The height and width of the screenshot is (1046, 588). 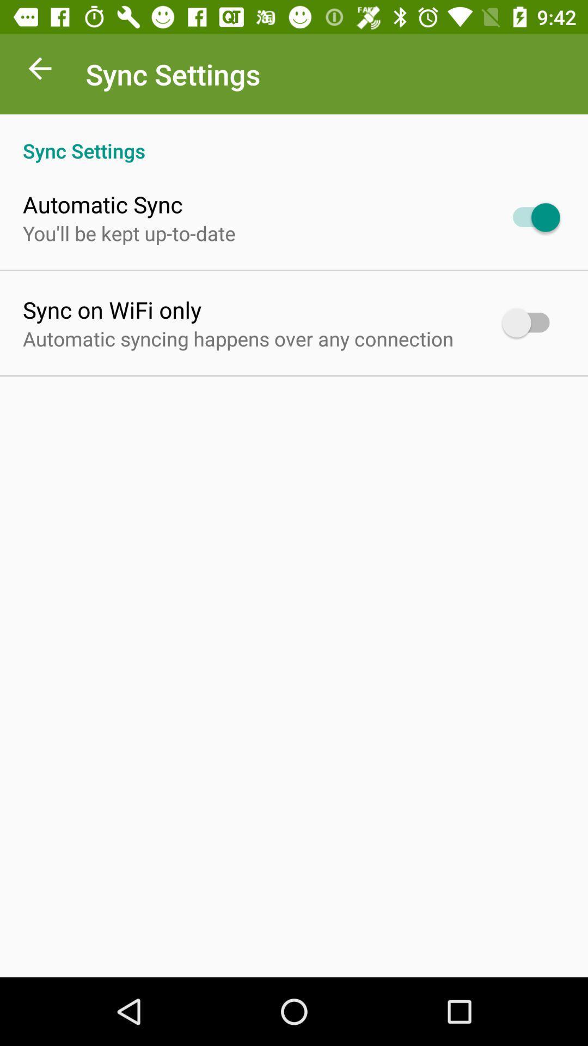 I want to click on the app below the automatic sync item, so click(x=128, y=233).